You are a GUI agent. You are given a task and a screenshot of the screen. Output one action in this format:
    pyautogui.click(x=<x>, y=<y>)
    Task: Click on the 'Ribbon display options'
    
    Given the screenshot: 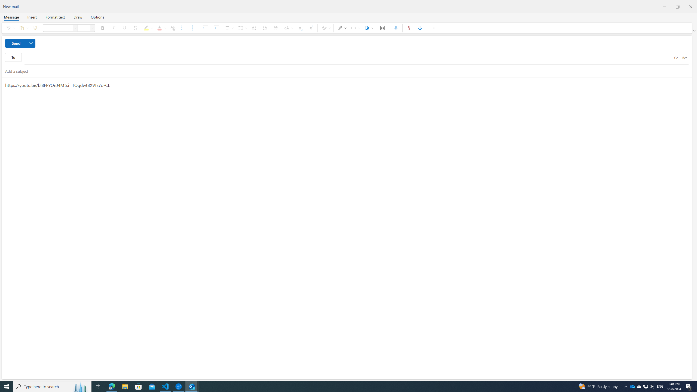 What is the action you would take?
    pyautogui.click(x=695, y=30)
    